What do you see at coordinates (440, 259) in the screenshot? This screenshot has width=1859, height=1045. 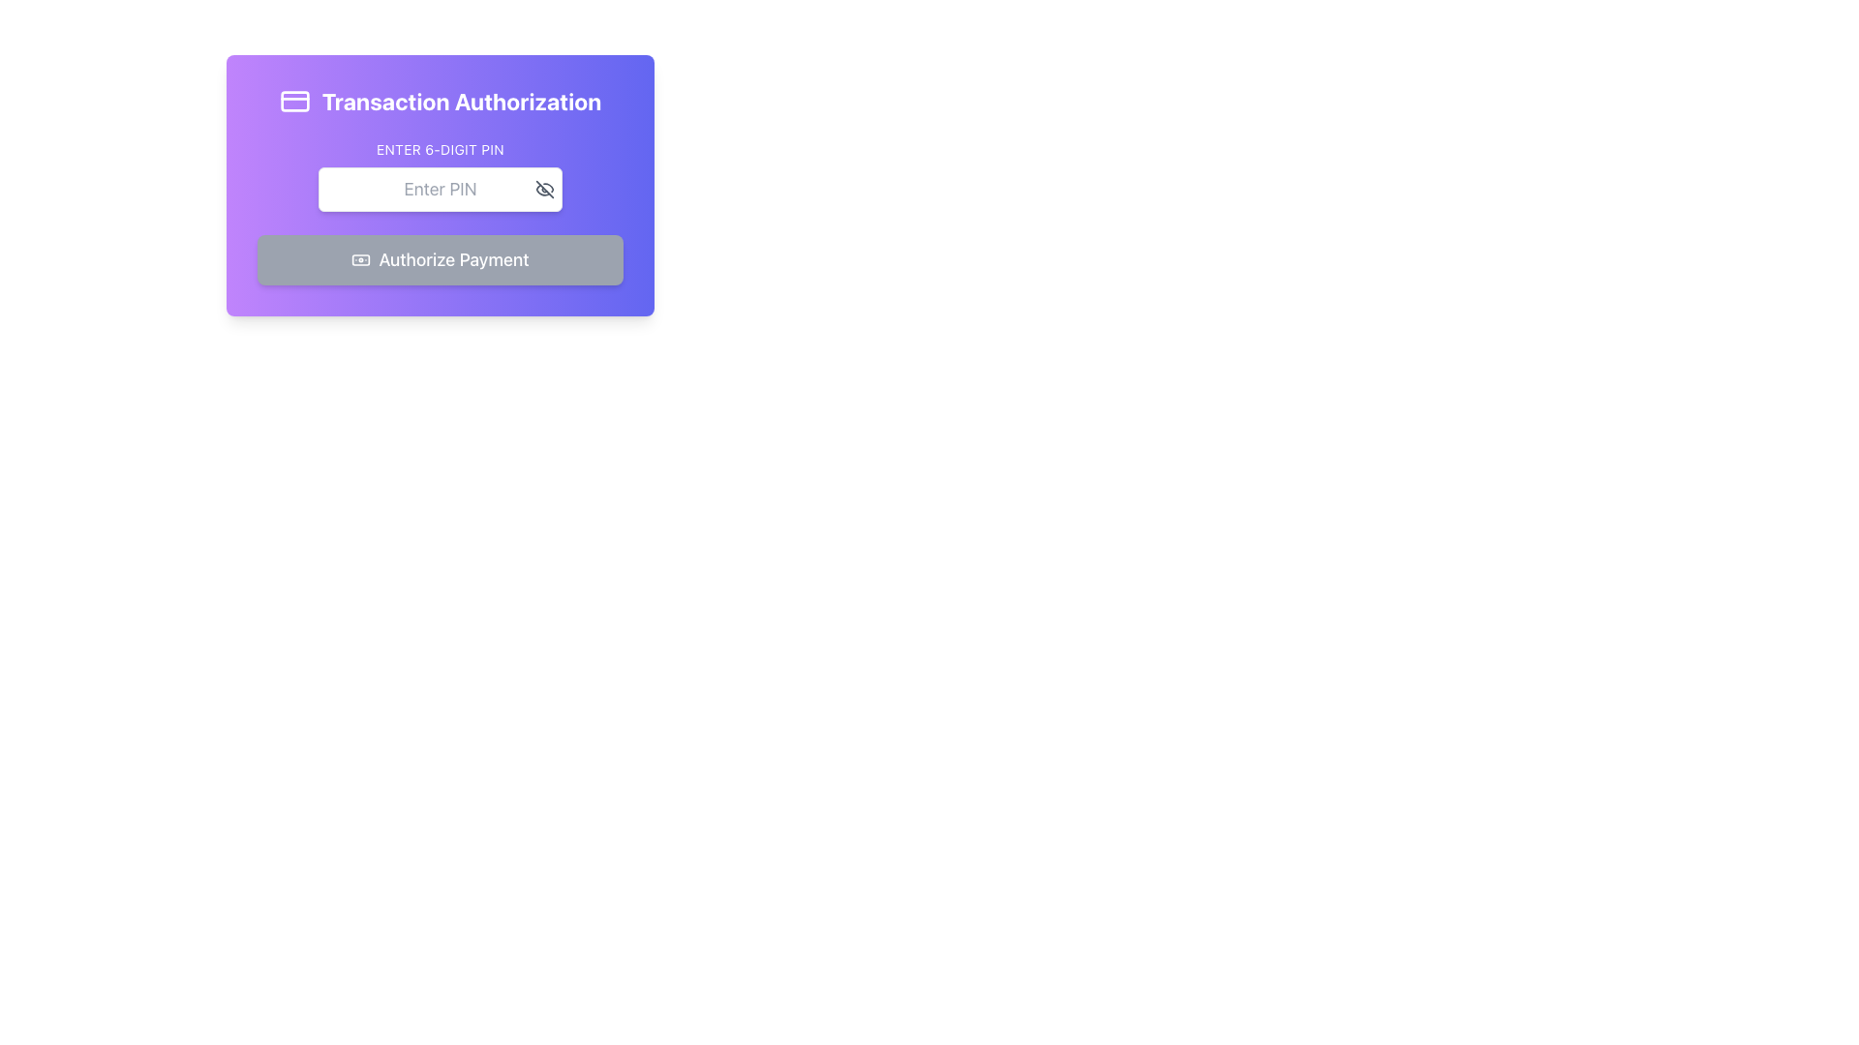 I see `the disabled payment authorization button located at the bottom of the 'Transaction Authorization' card with a gradient purple background` at bounding box center [440, 259].